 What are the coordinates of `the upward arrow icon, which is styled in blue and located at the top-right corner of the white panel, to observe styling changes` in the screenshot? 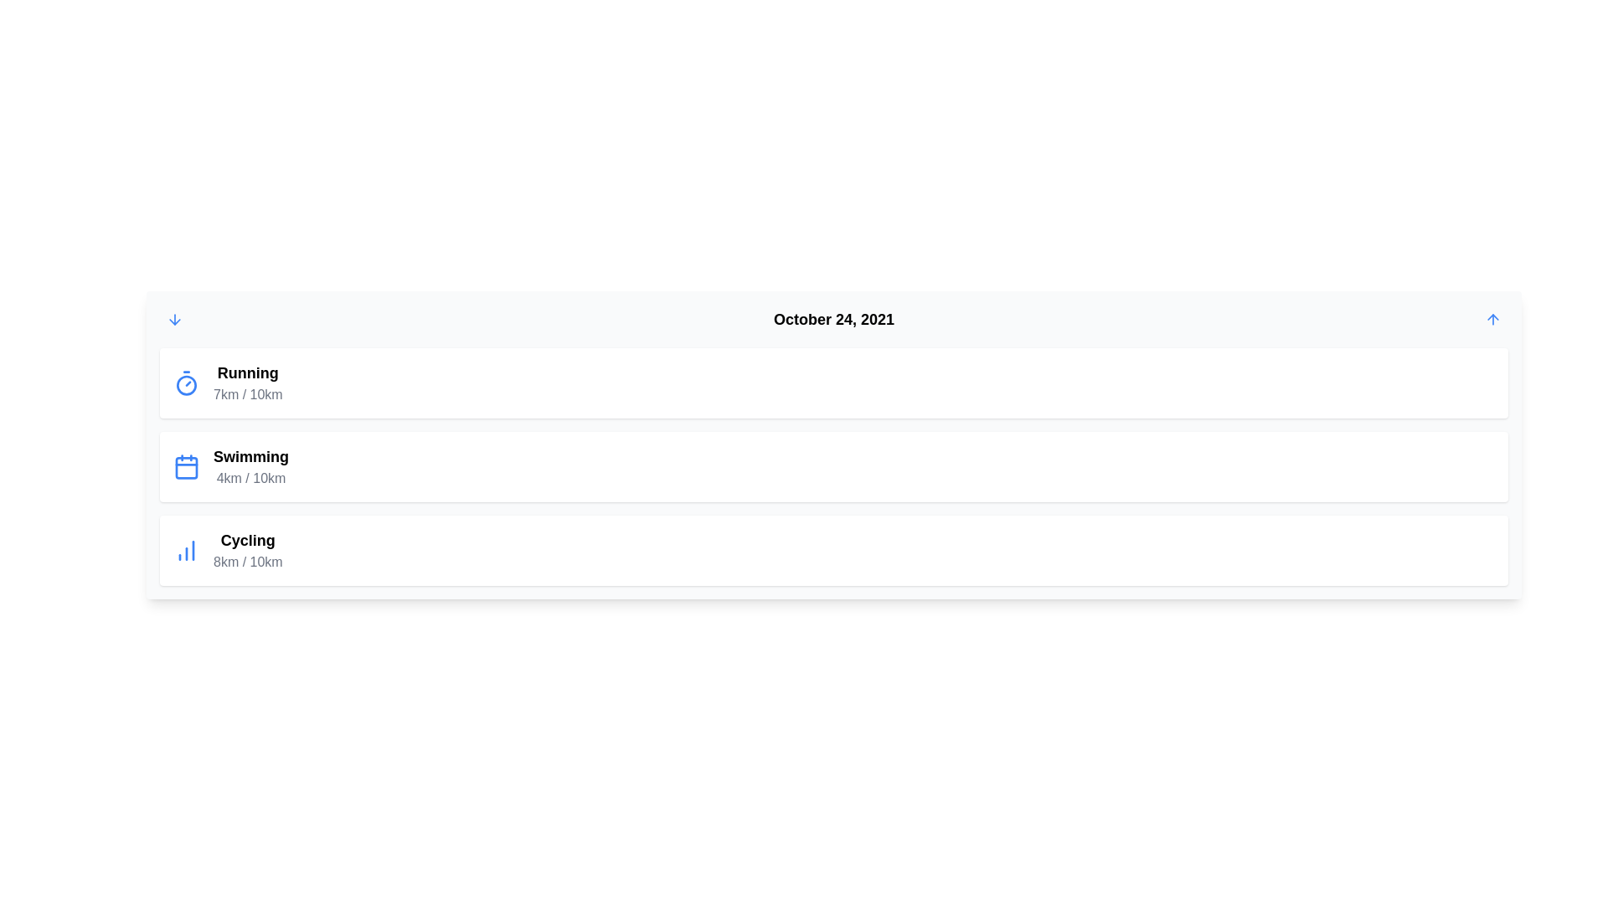 It's located at (1492, 319).